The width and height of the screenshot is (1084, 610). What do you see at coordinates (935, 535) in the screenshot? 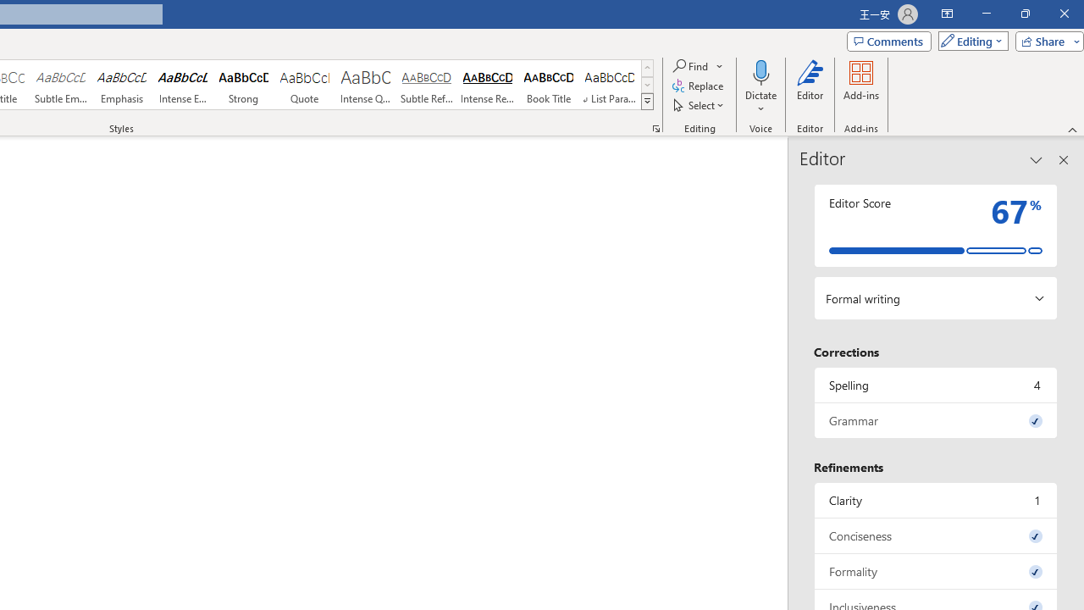
I see `'Conciseness, 0 issues. Press space or enter to review items.'` at bounding box center [935, 535].